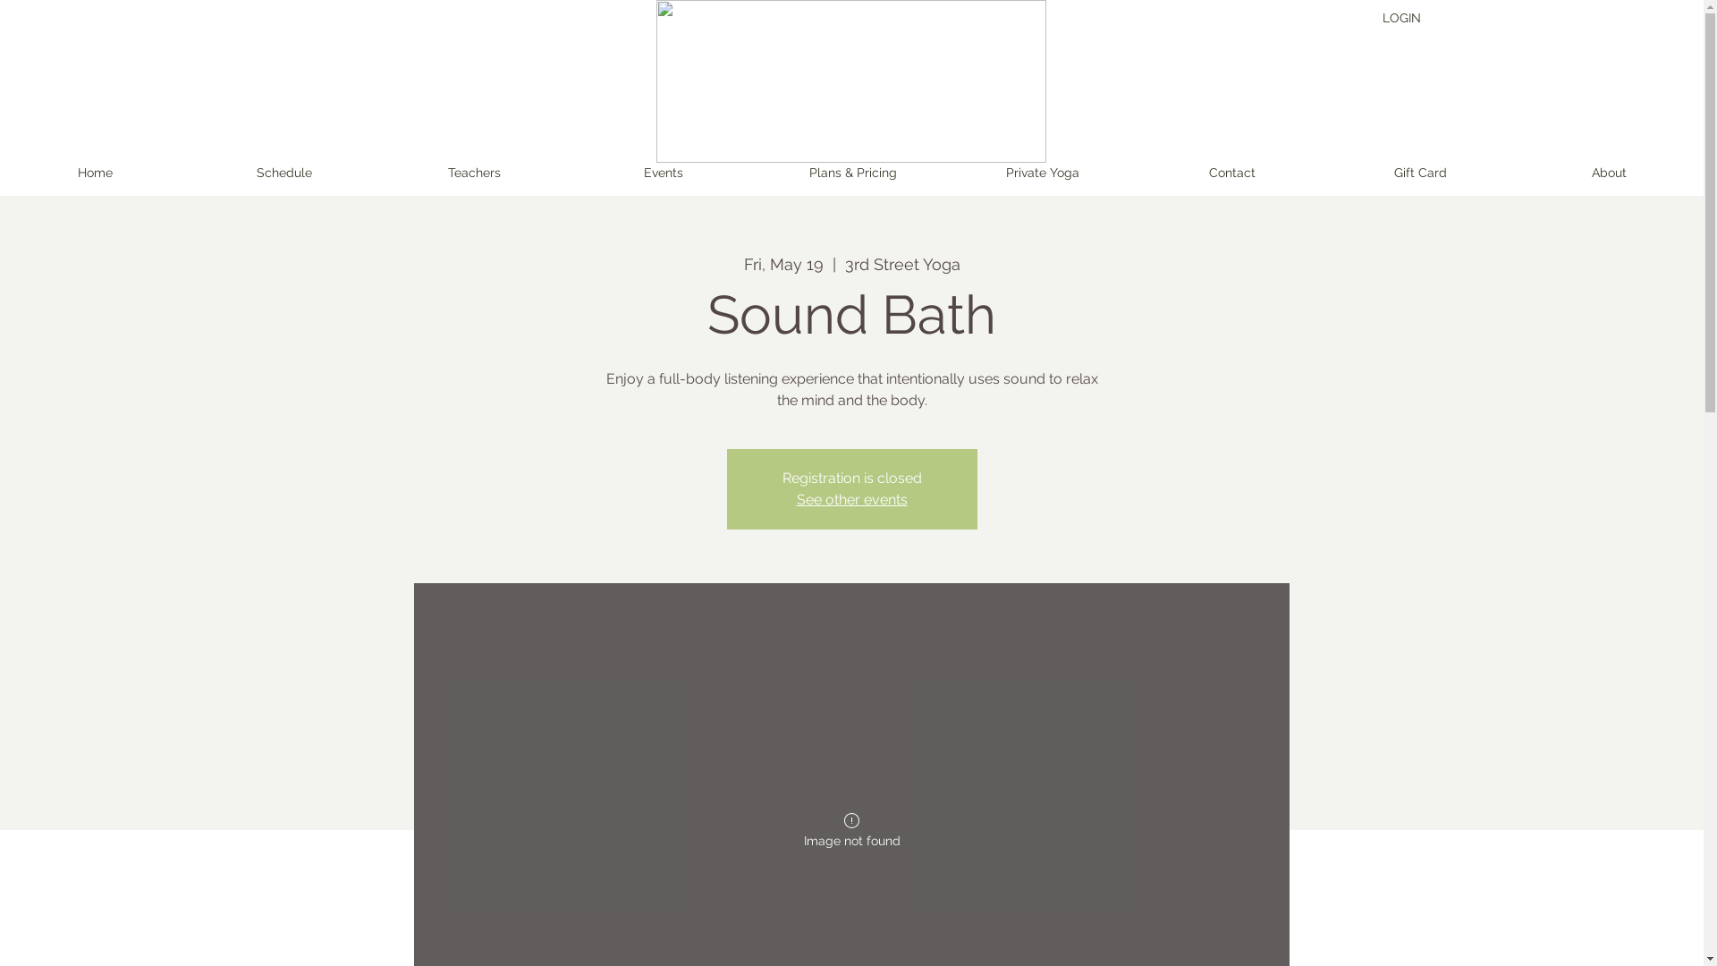 The width and height of the screenshot is (1717, 966). I want to click on 'Teachers', so click(473, 173).